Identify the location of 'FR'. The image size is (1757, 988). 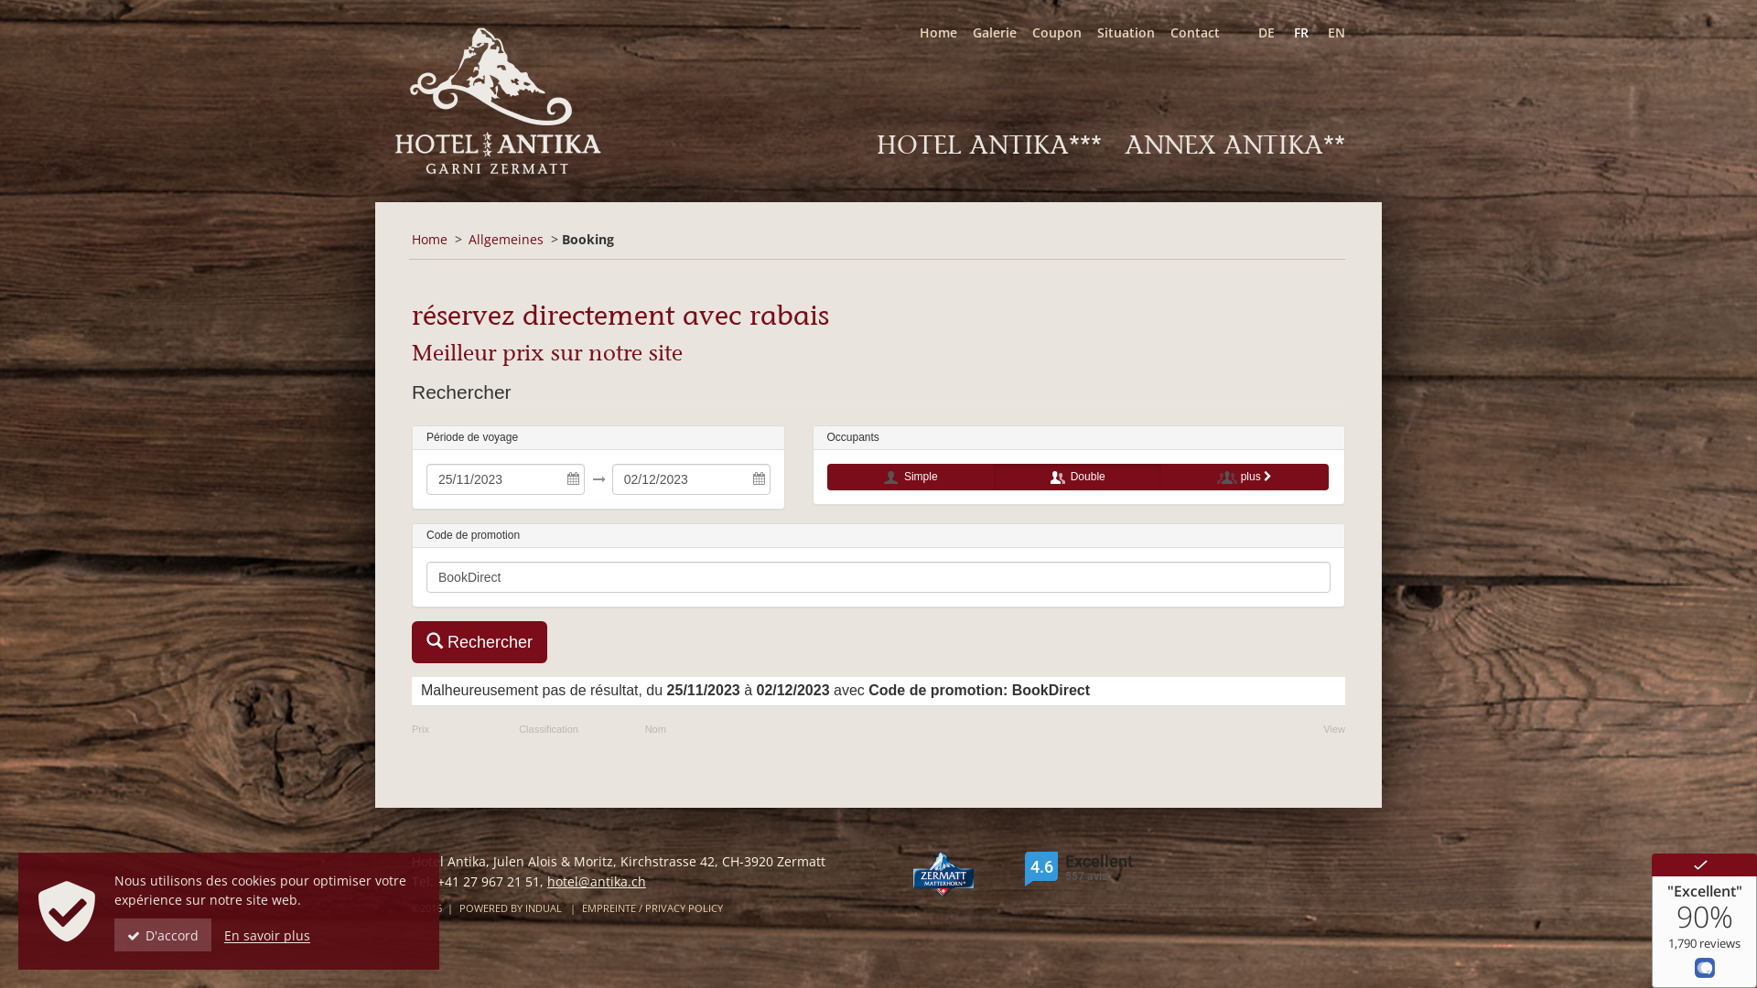
(1292, 32).